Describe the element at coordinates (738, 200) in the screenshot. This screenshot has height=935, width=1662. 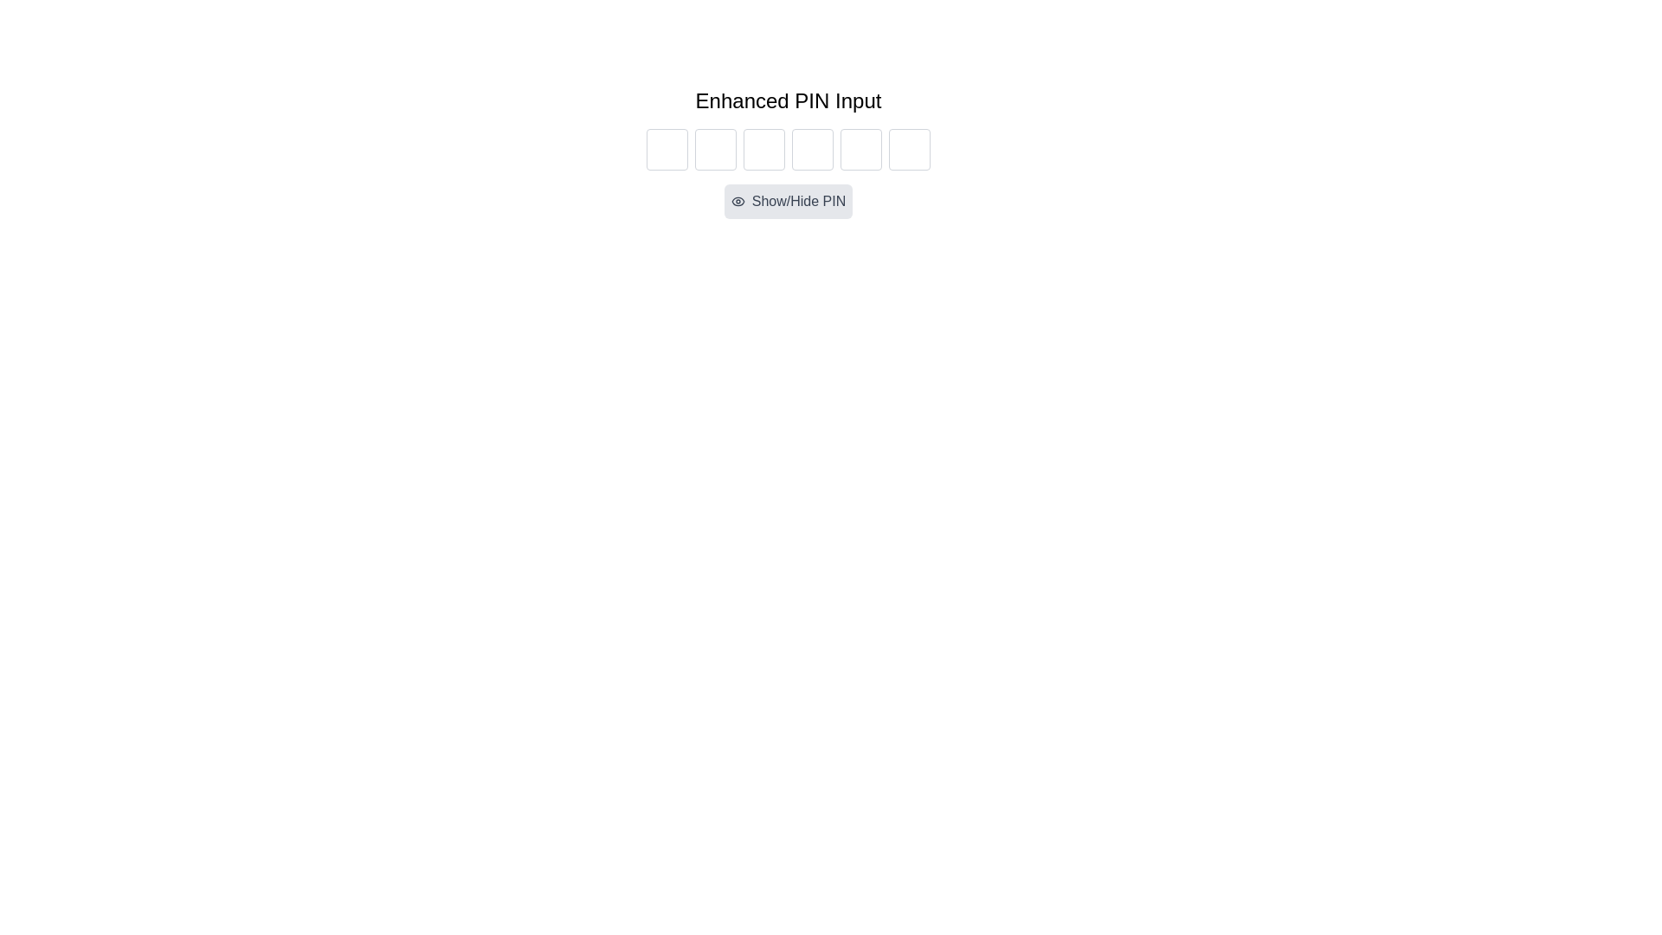
I see `the visibility icon for the 'Show/Hide PIN' button` at that location.